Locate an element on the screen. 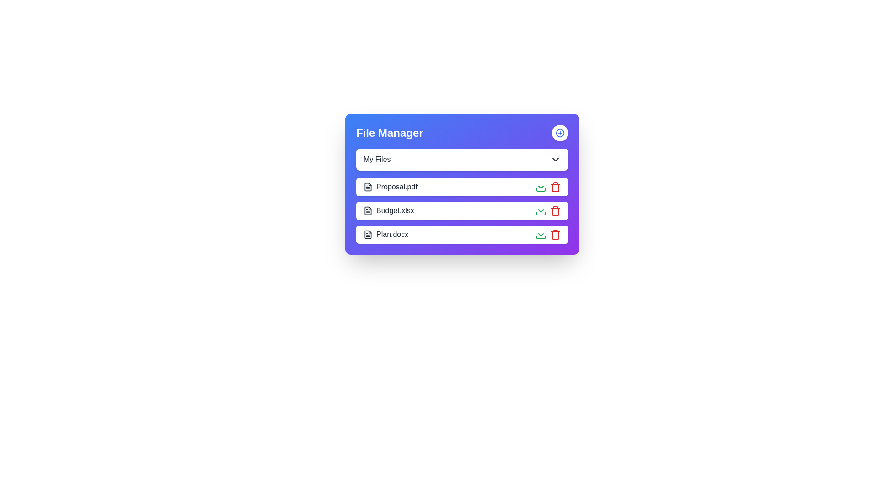 The image size is (878, 494). the circular '+' button with a white background and blue border located in the top right corner of the 'File Manager' card for keyboard interaction is located at coordinates (559, 133).